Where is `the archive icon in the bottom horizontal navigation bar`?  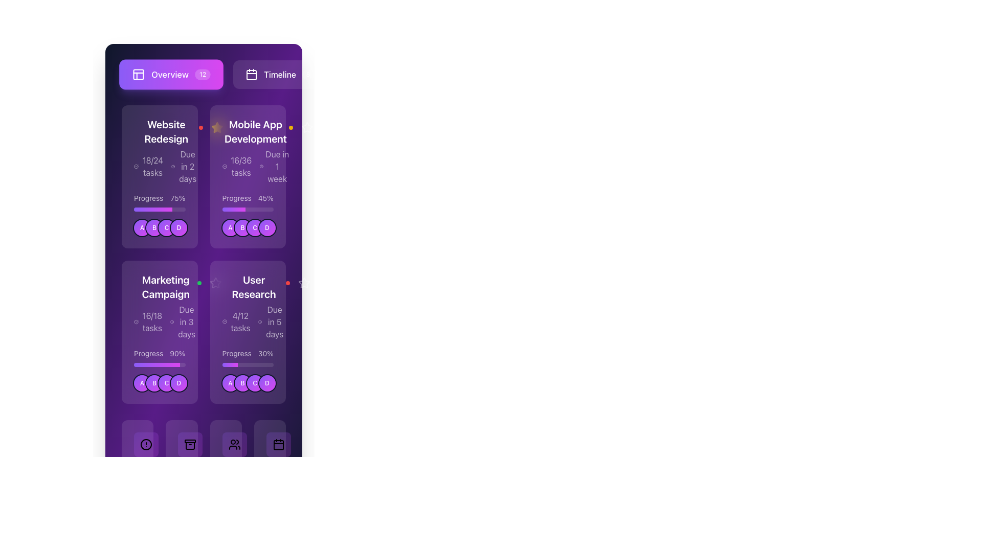 the archive icon in the bottom horizontal navigation bar is located at coordinates (190, 444).